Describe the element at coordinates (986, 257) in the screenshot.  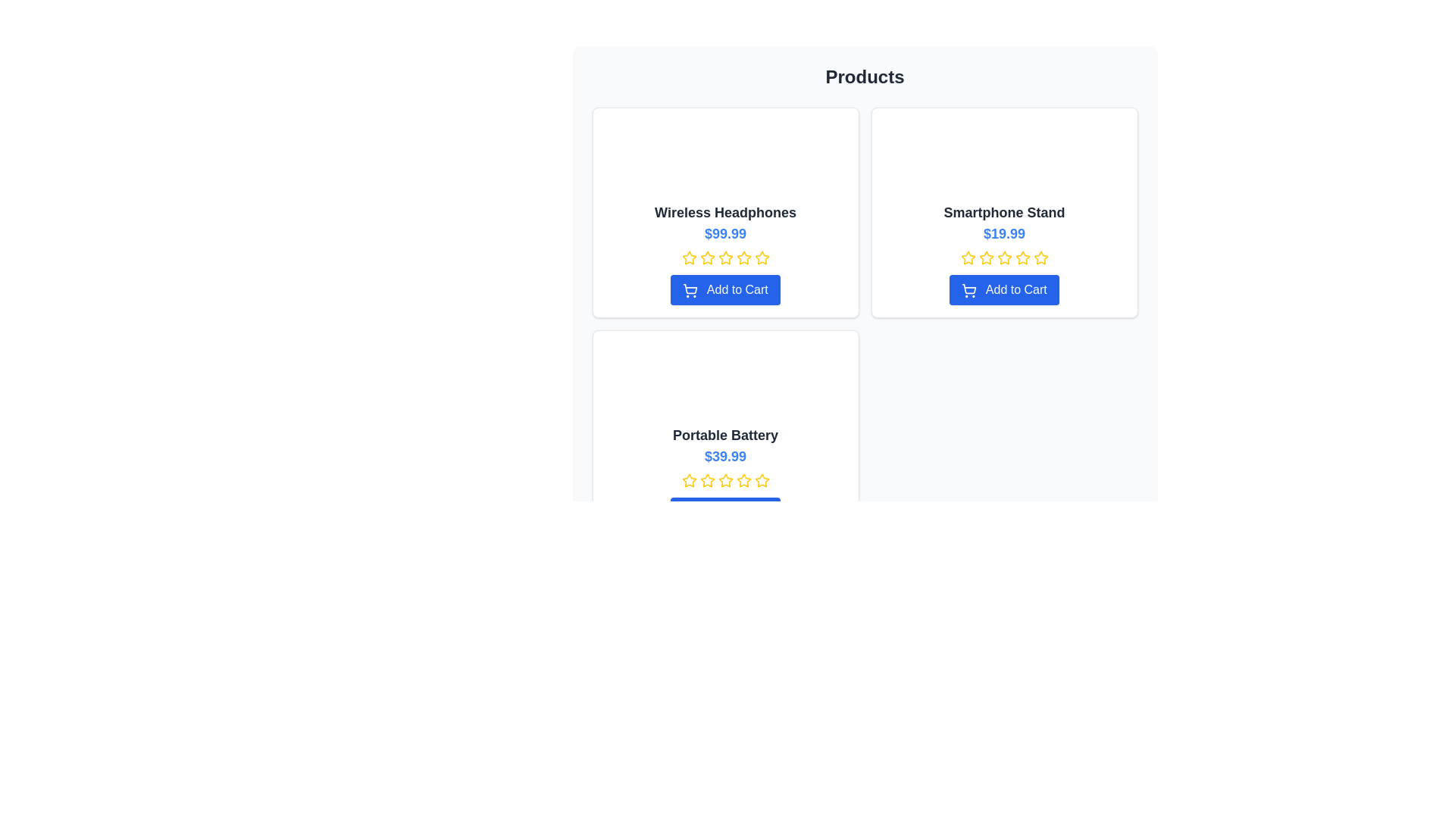
I see `the second star icon representing a two out of five rating for the 'Smartphone Stand' product` at that location.